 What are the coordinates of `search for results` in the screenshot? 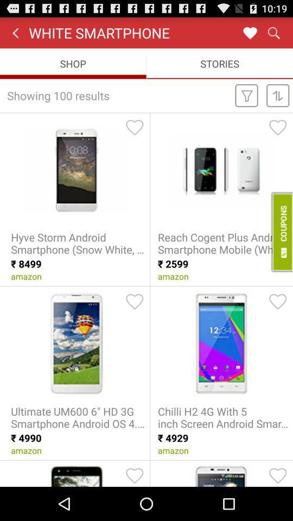 It's located at (273, 32).